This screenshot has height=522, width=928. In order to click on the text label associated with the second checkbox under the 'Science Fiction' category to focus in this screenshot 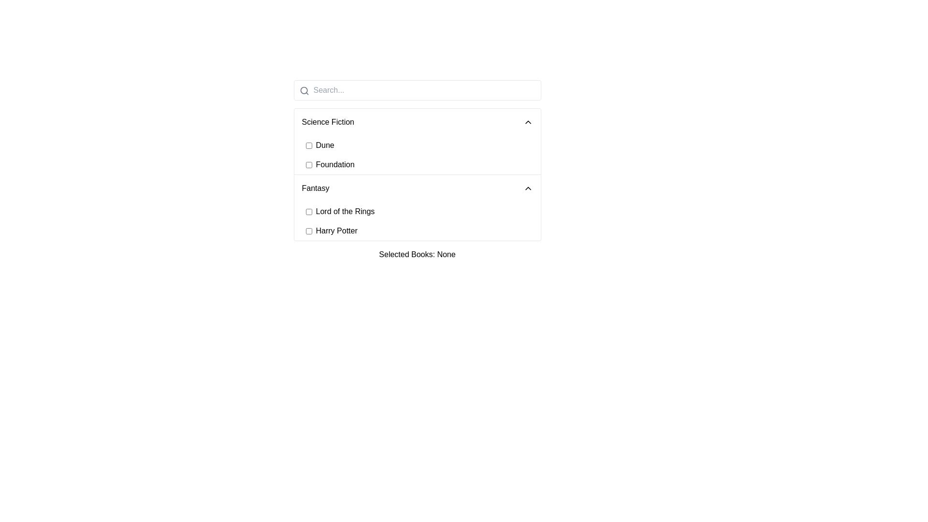, I will do `click(335, 164)`.